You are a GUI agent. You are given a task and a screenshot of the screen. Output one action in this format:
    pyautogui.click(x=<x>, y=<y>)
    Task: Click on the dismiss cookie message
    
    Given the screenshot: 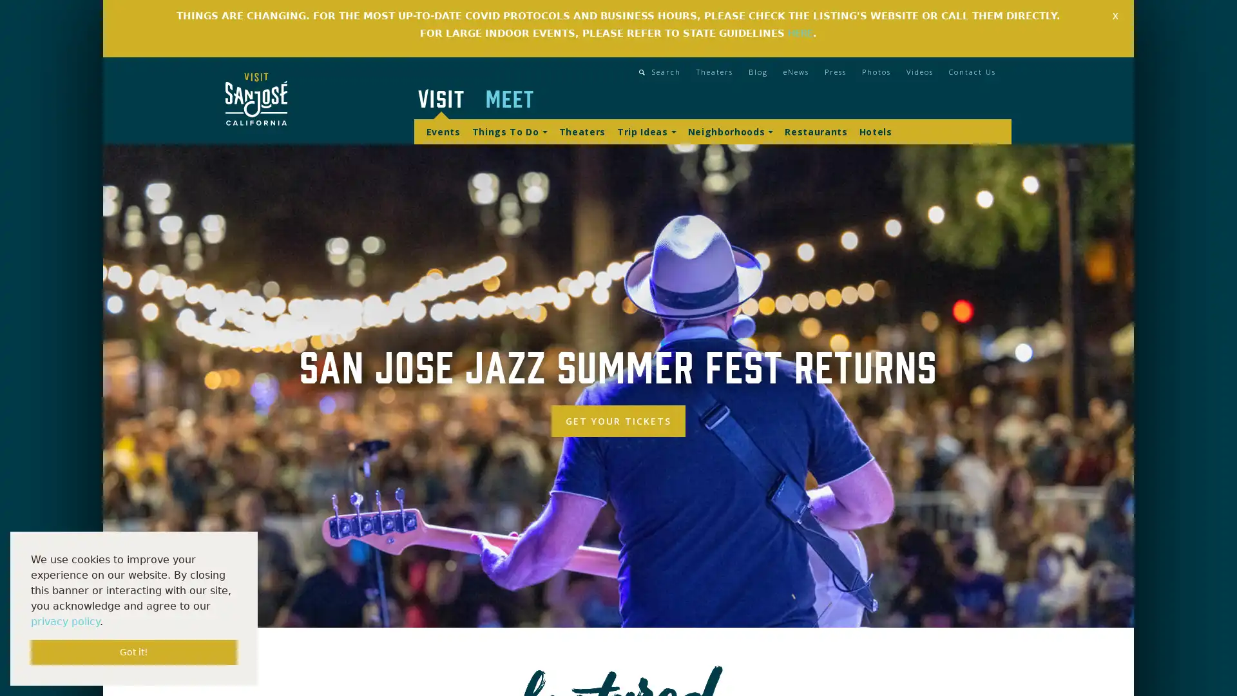 What is the action you would take?
    pyautogui.click(x=133, y=652)
    